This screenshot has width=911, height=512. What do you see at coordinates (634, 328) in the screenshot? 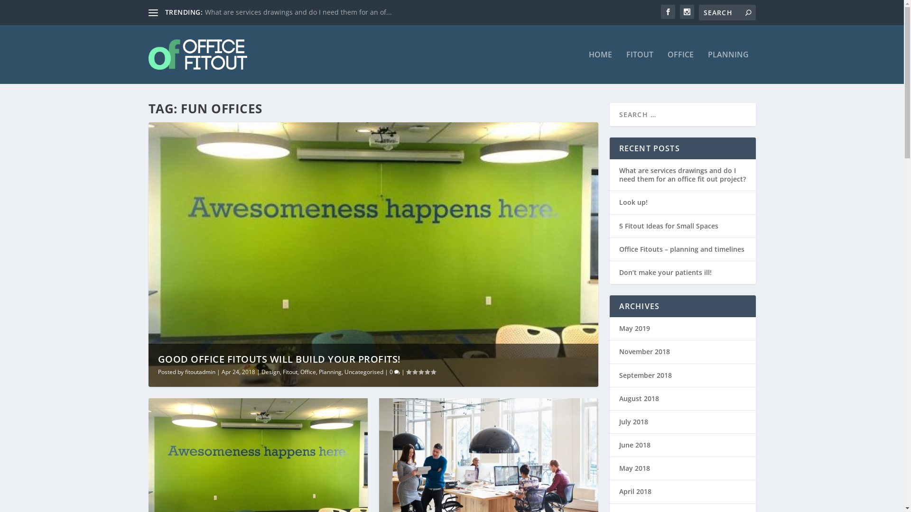
I see `'May 2019'` at bounding box center [634, 328].